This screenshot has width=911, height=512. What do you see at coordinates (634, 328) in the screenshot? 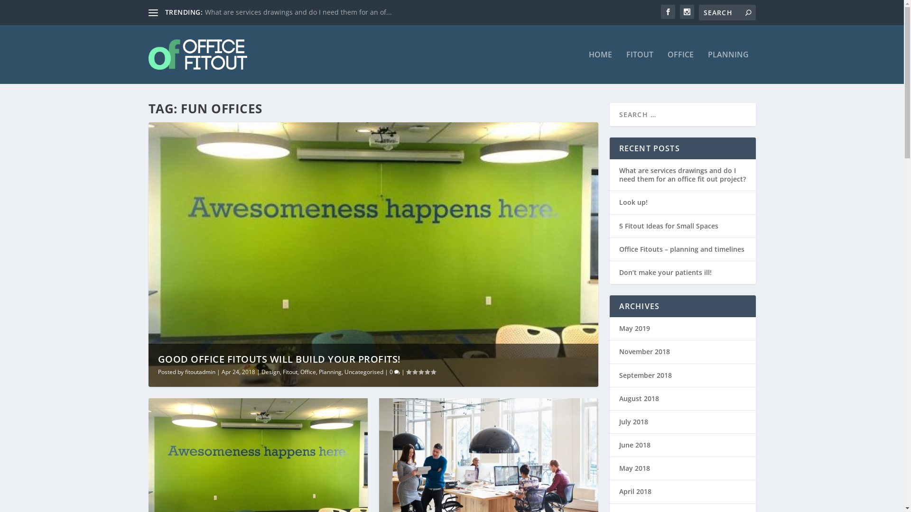
I see `'May 2019'` at bounding box center [634, 328].